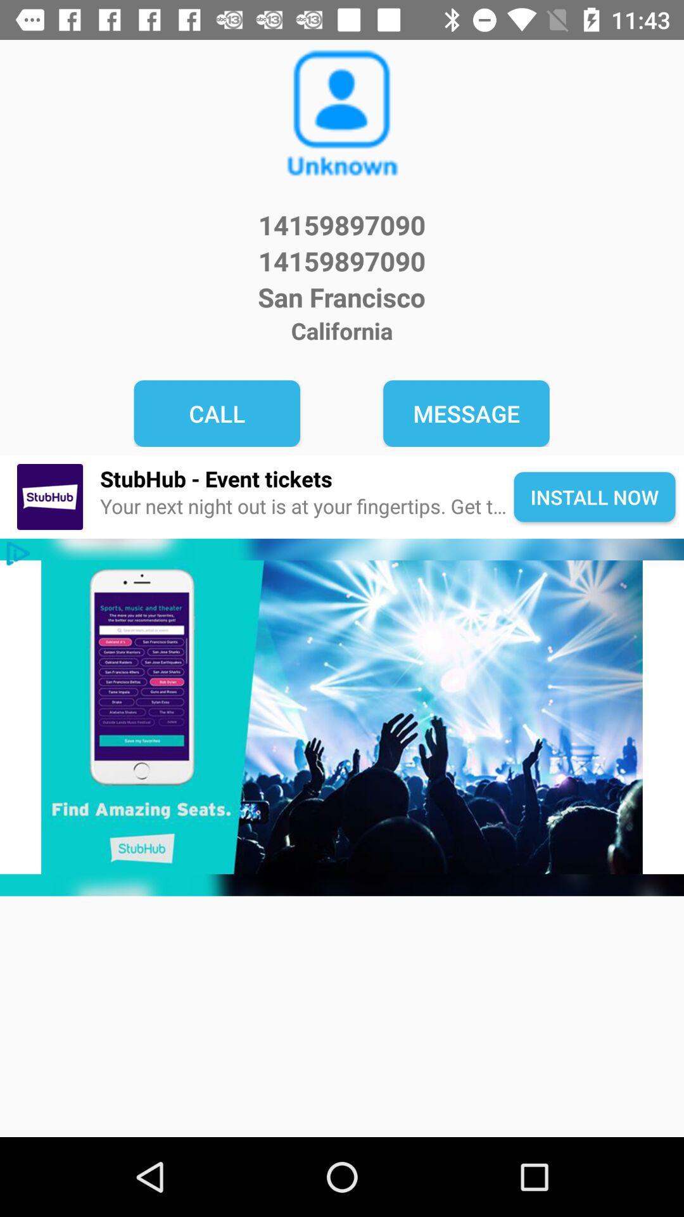 The image size is (684, 1217). I want to click on stubhub homepage, so click(342, 717).